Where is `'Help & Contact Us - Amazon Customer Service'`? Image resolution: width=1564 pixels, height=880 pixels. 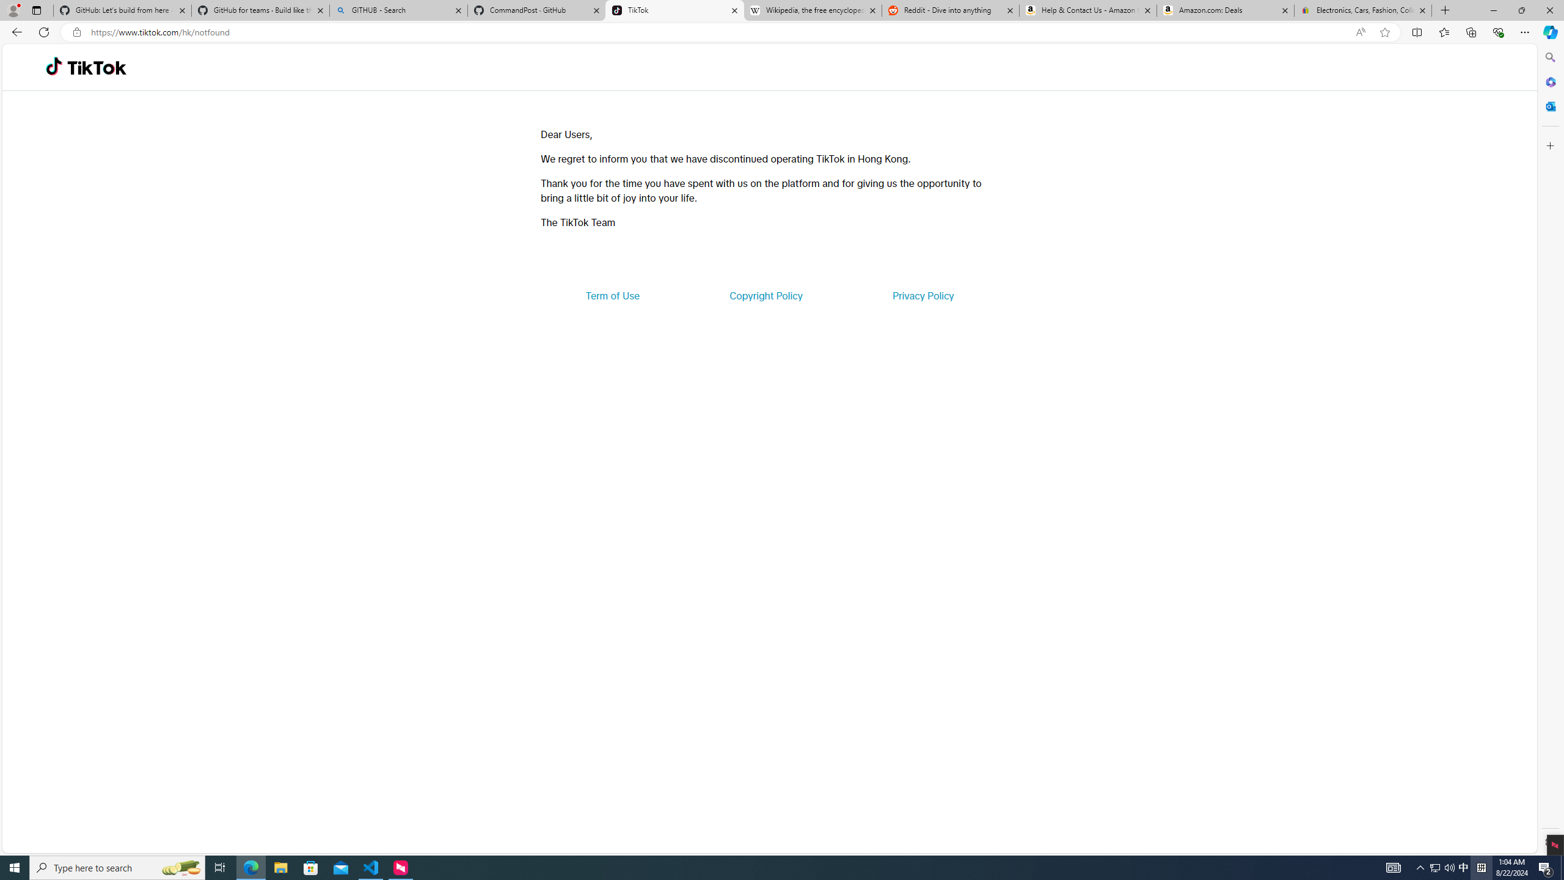 'Help & Contact Us - Amazon Customer Service' is located at coordinates (1087, 10).